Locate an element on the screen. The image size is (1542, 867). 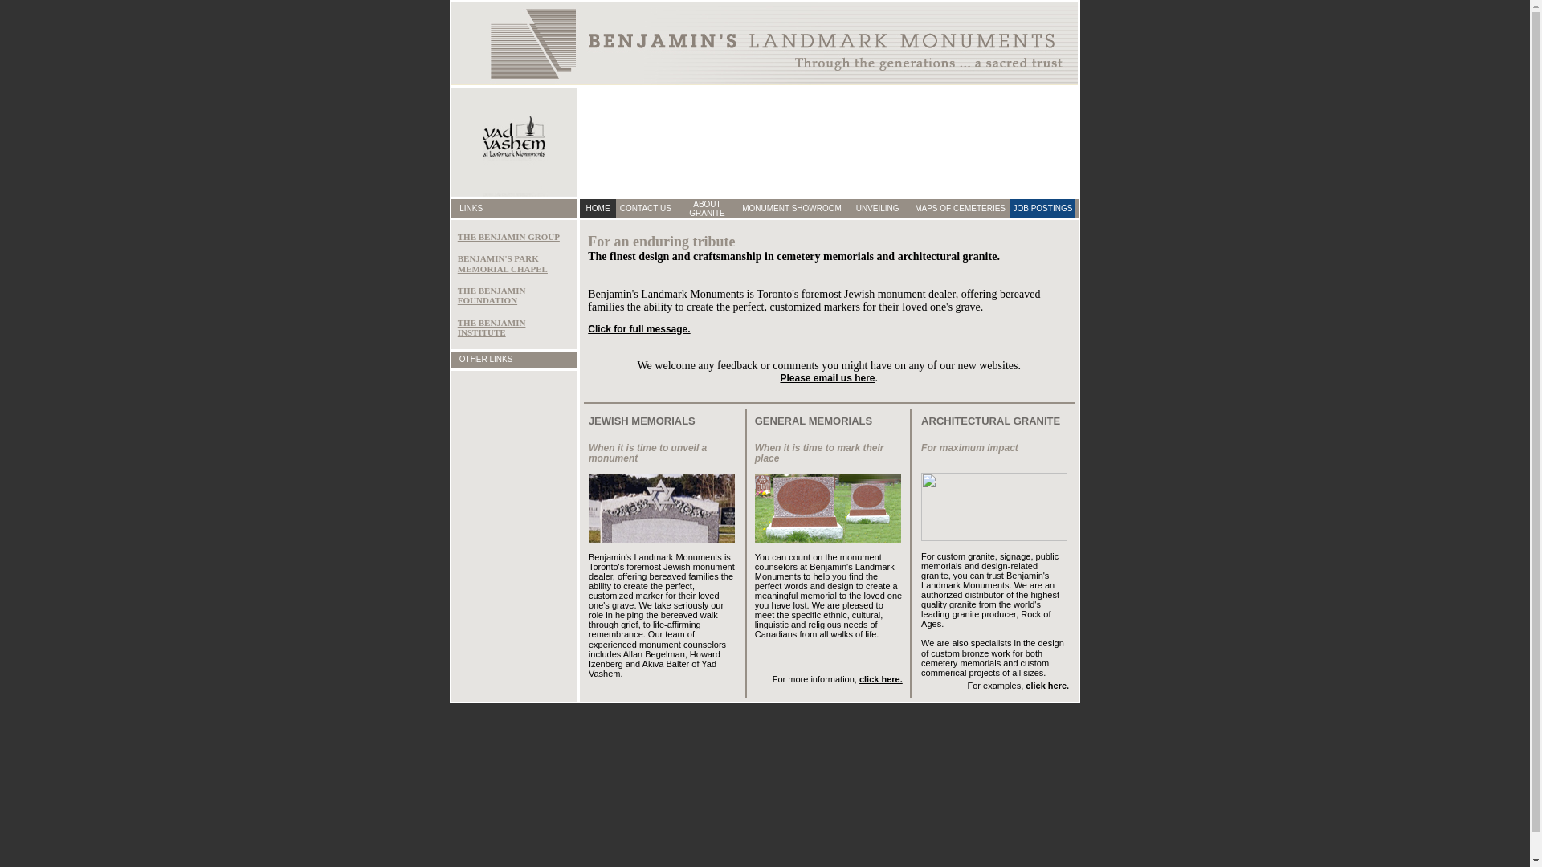
'ABOUT GRANITE' is located at coordinates (689, 206).